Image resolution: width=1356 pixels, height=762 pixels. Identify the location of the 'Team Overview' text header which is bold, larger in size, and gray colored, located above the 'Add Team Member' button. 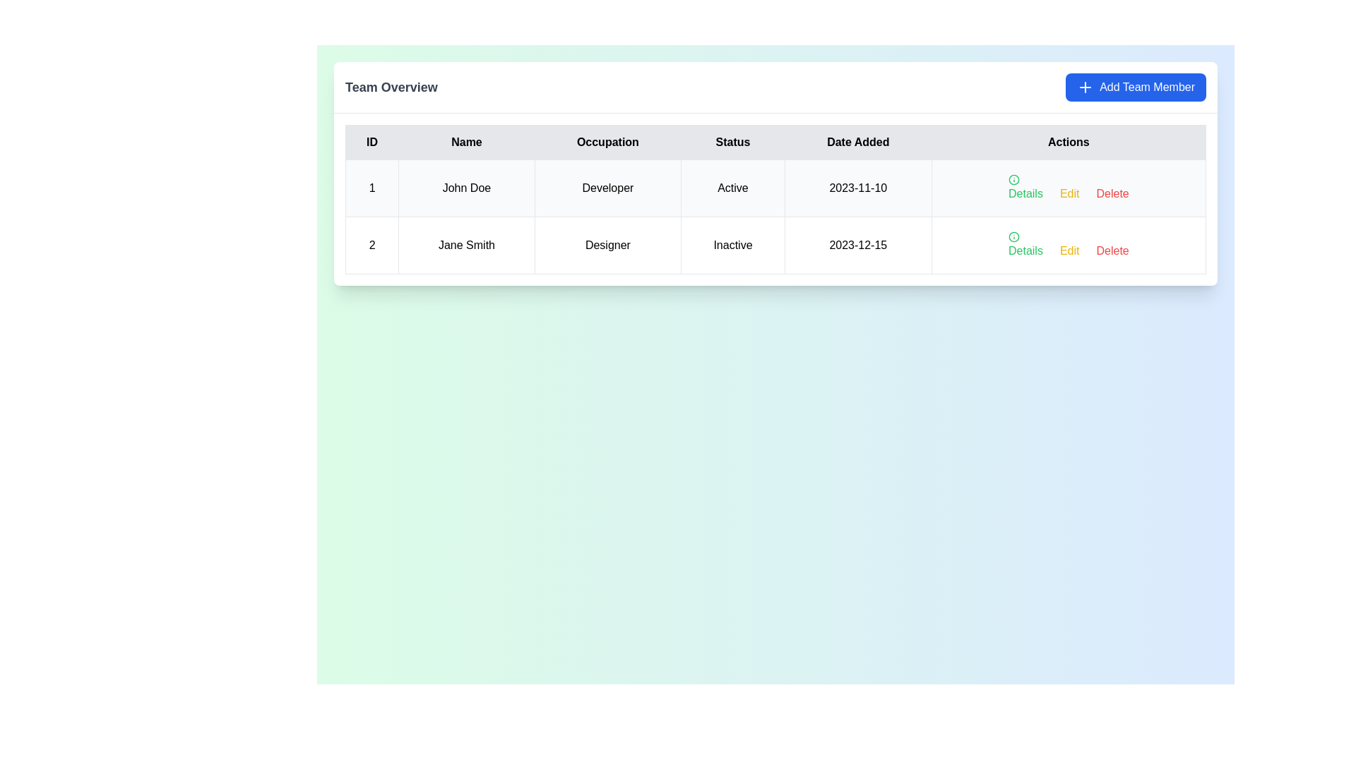
(391, 87).